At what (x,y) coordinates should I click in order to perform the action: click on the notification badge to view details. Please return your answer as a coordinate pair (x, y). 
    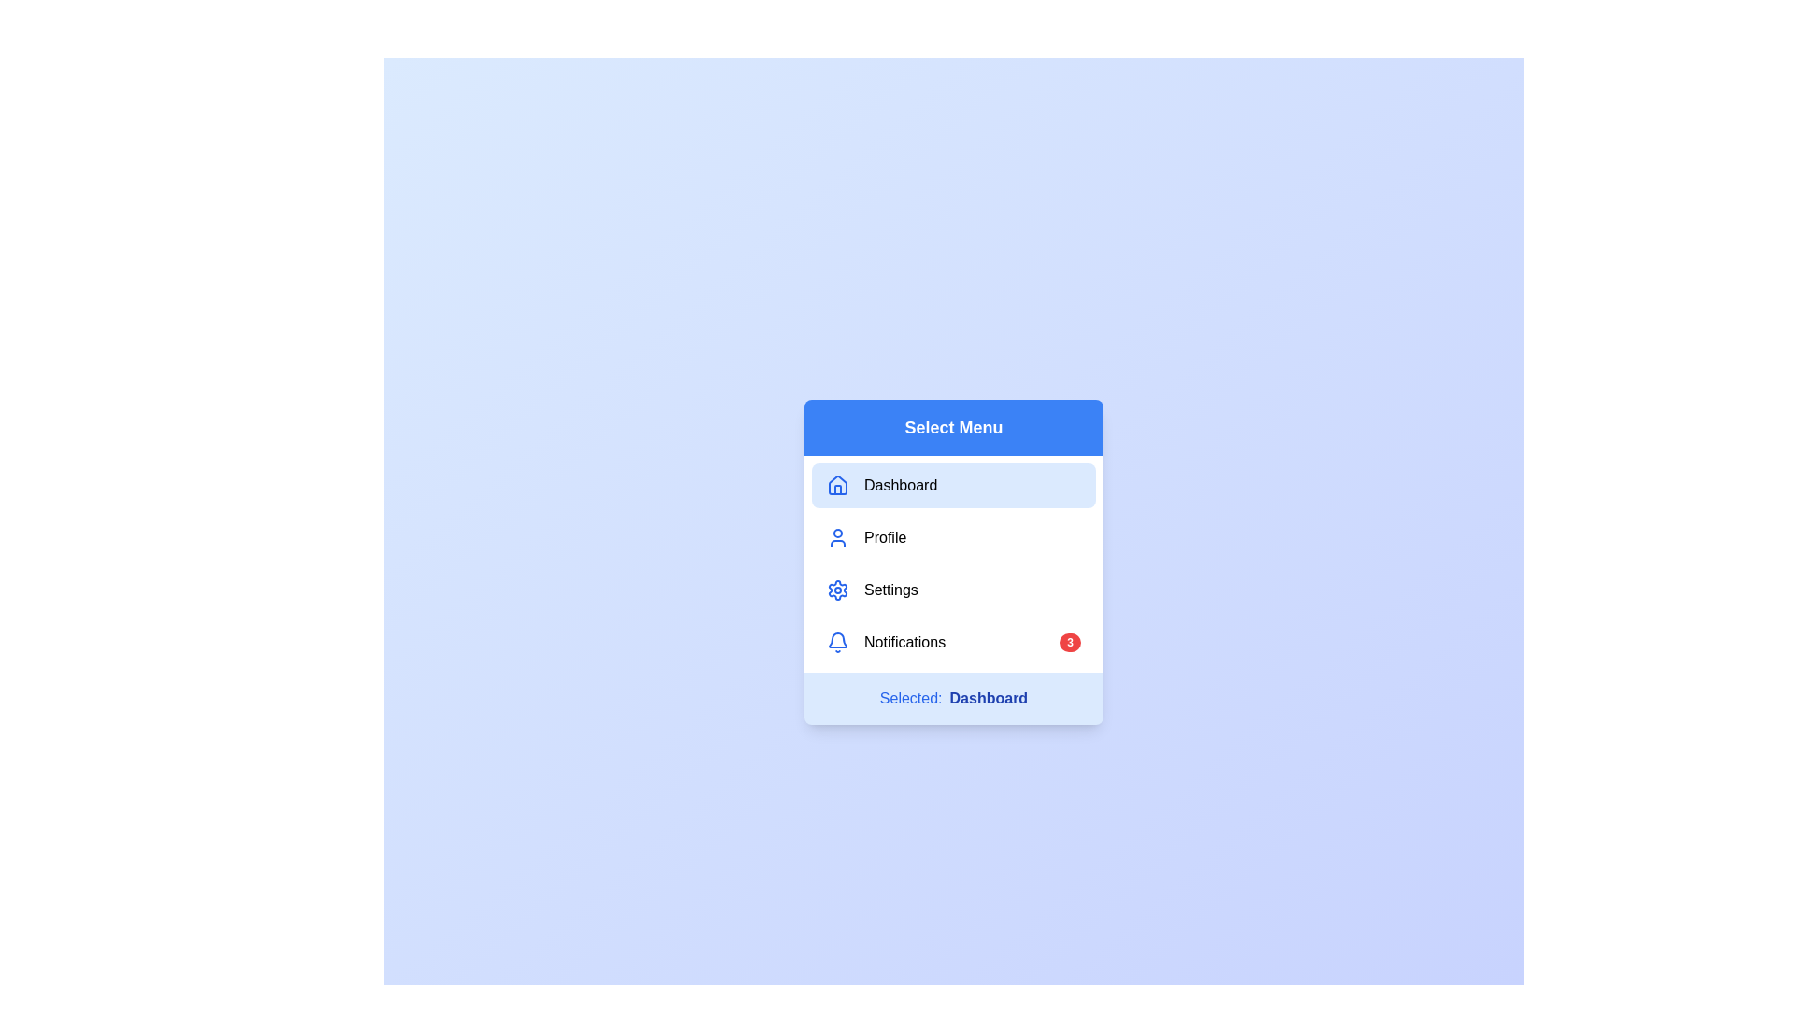
    Looking at the image, I should click on (1070, 641).